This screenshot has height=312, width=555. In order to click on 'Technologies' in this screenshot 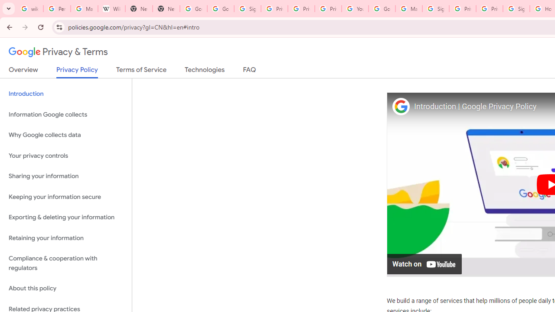, I will do `click(204, 71)`.